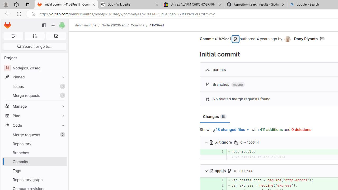 Image resolution: width=338 pixels, height=190 pixels. Describe the element at coordinates (34, 68) in the screenshot. I see `'NNodejs2020seq'` at that location.